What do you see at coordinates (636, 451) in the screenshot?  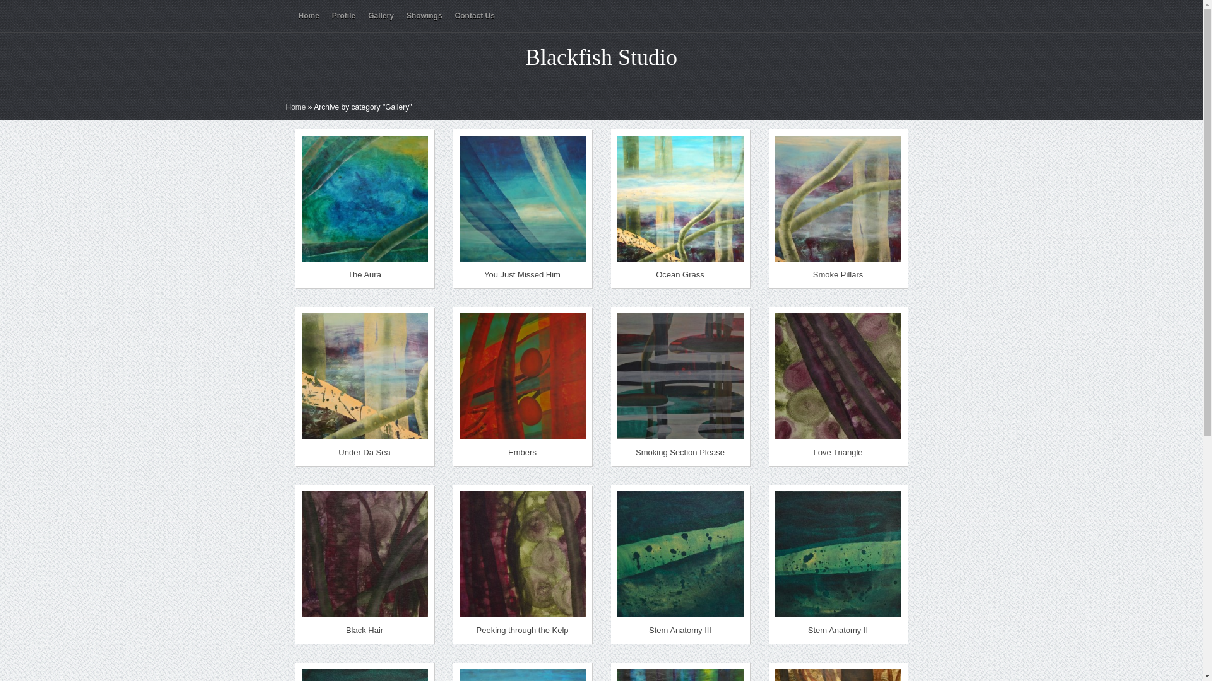 I see `'Smoking Section Please'` at bounding box center [636, 451].